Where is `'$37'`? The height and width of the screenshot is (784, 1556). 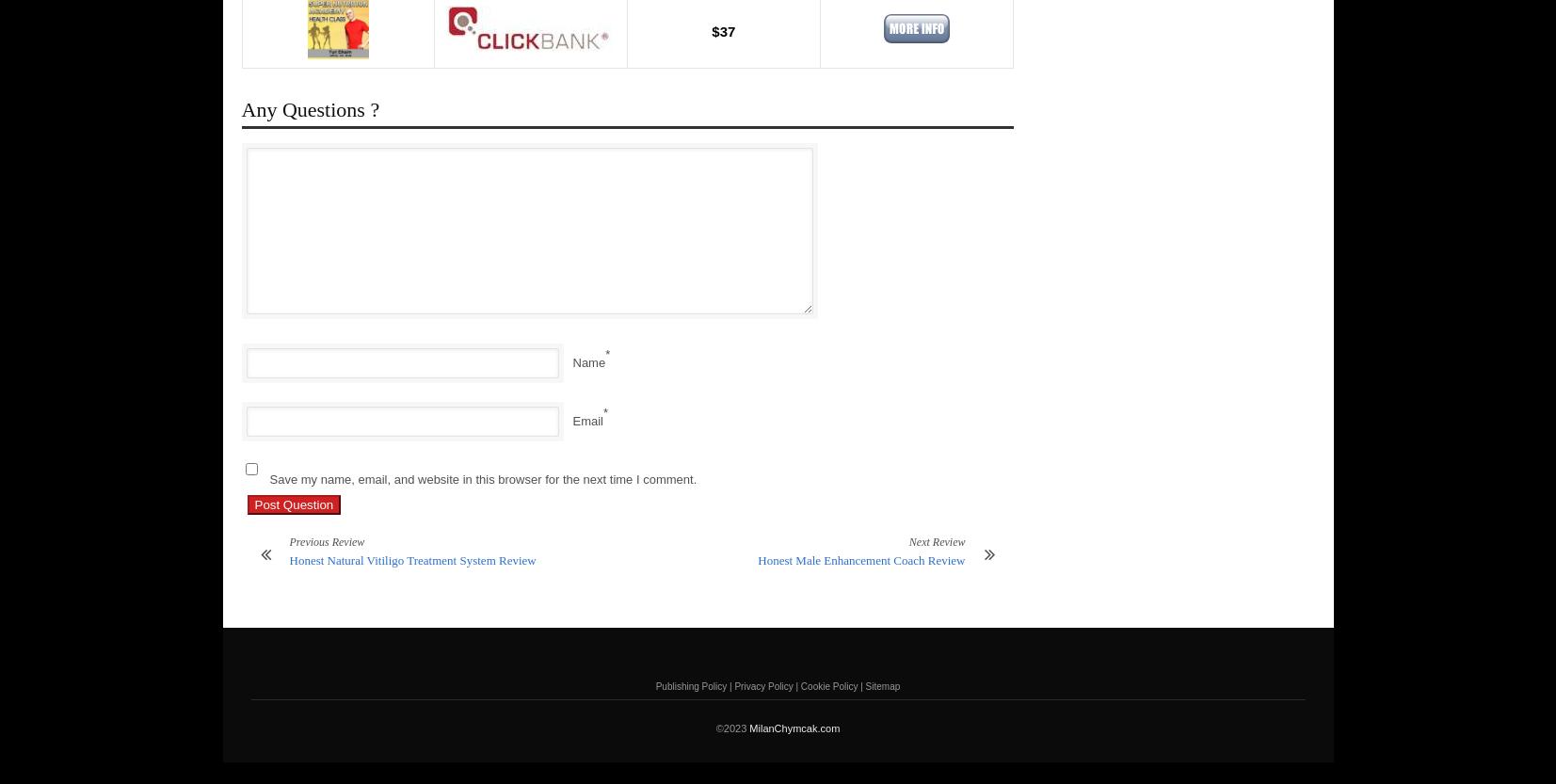
'$37' is located at coordinates (722, 31).